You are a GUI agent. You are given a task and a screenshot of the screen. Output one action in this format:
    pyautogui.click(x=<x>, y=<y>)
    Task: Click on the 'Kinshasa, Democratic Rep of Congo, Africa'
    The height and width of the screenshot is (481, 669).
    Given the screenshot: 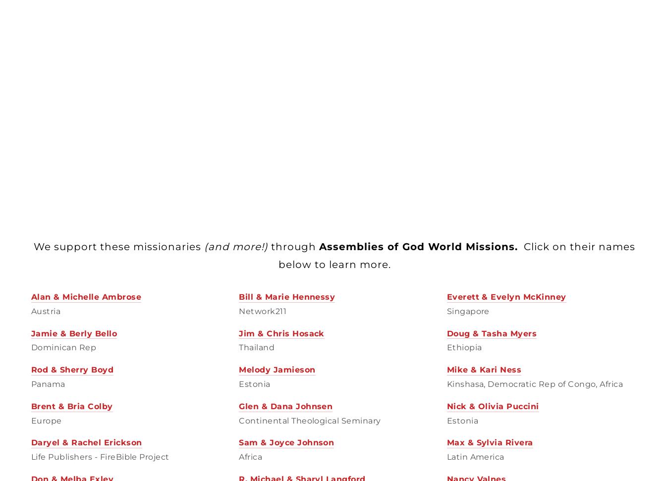 What is the action you would take?
    pyautogui.click(x=535, y=383)
    